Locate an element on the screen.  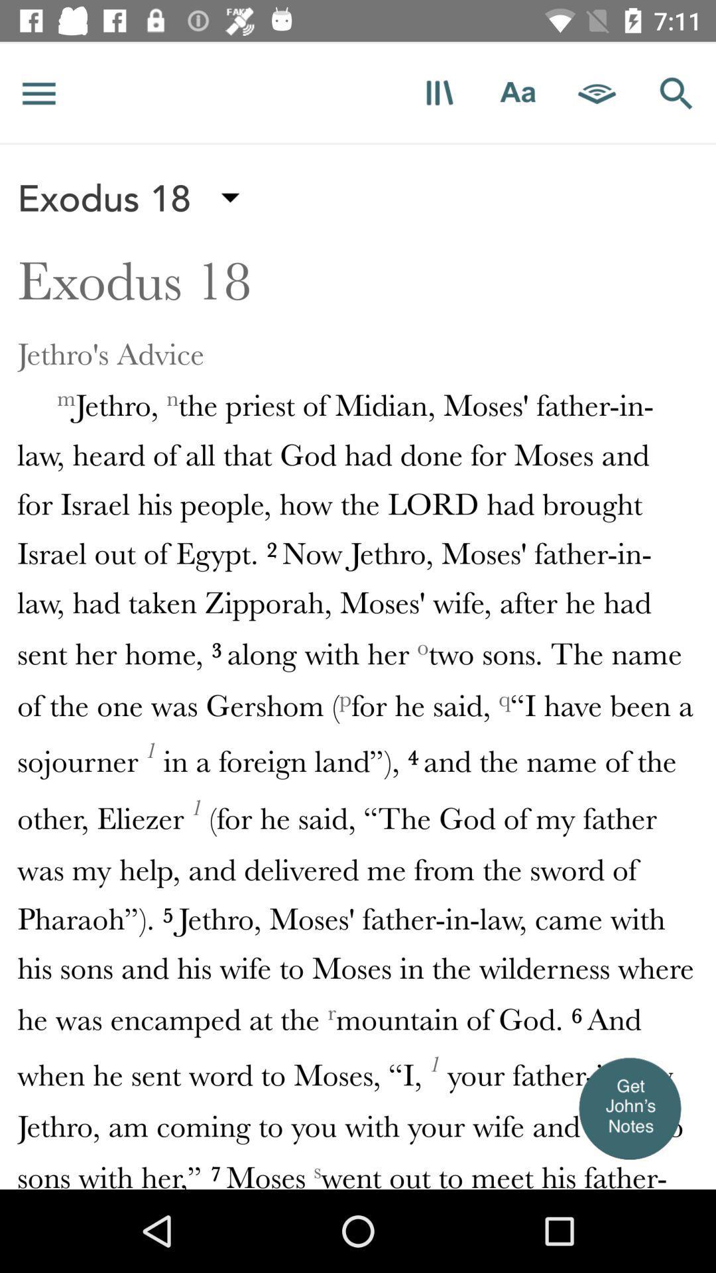
the avatar icon is located at coordinates (628, 1108).